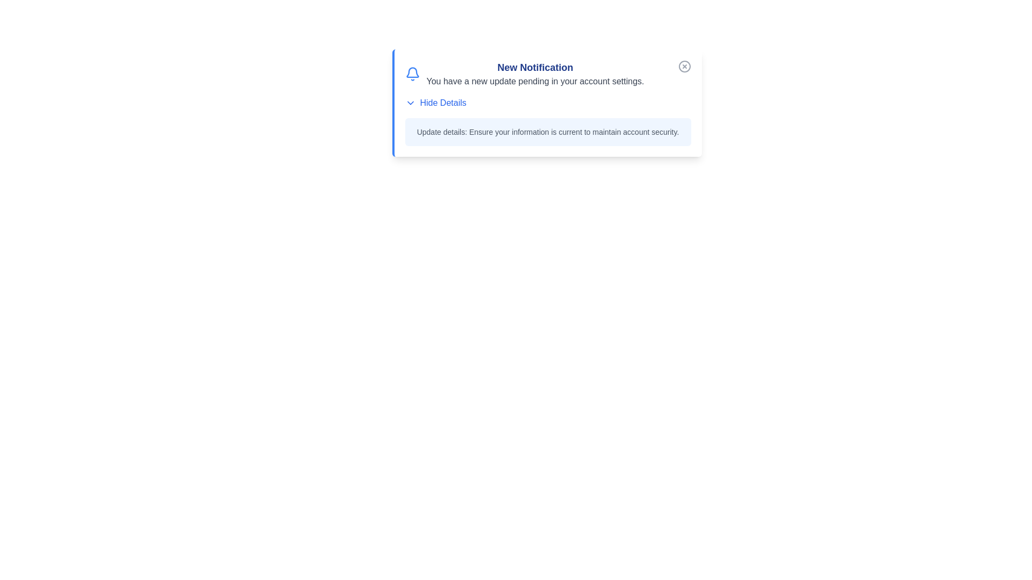 This screenshot has height=580, width=1032. Describe the element at coordinates (524, 74) in the screenshot. I see `text from the notification header displayed in the Text block with icon, which is centered at the top of a white card with a blue outline` at that location.